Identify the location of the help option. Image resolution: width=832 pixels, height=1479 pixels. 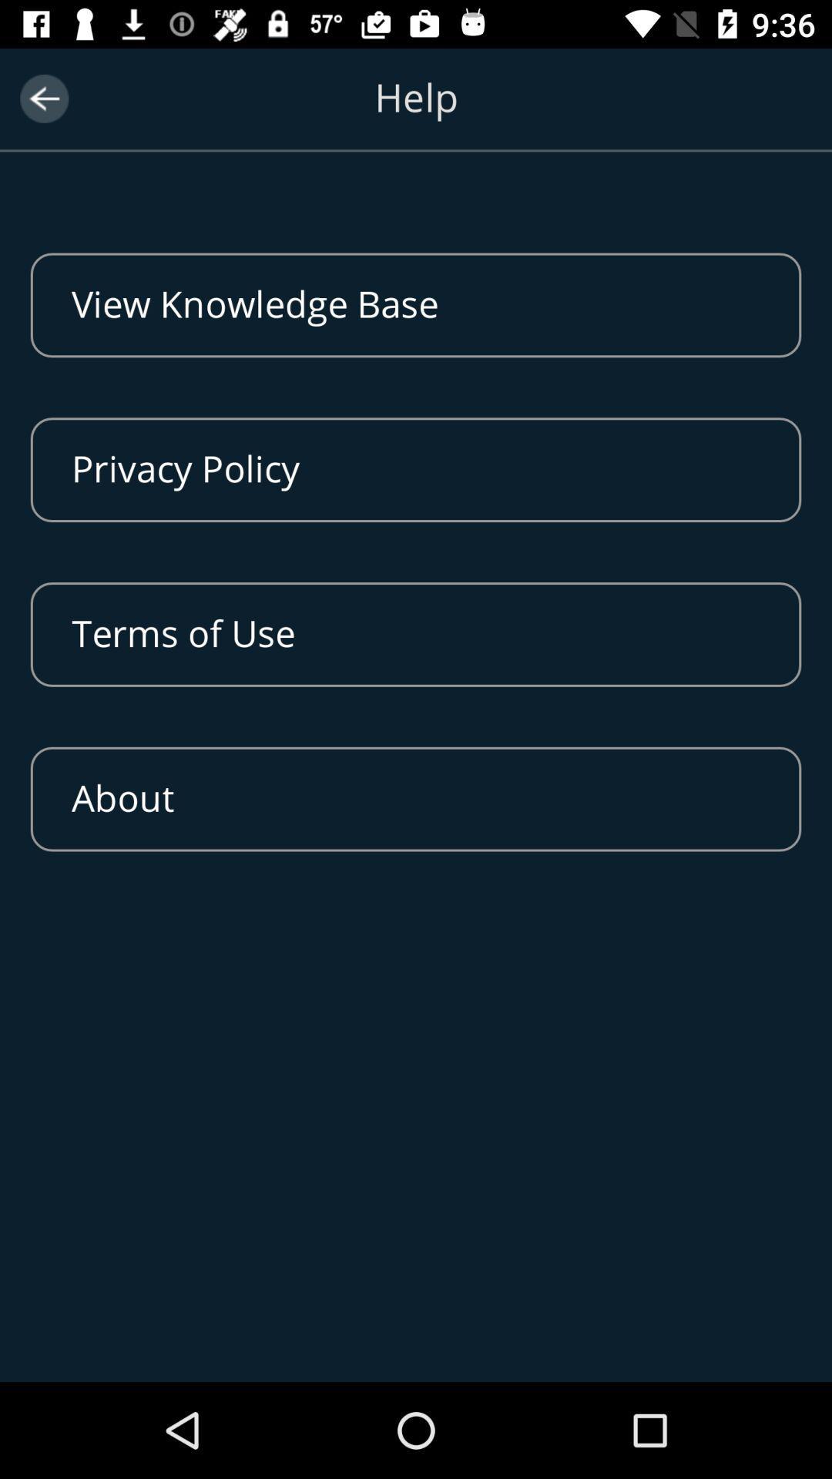
(416, 115).